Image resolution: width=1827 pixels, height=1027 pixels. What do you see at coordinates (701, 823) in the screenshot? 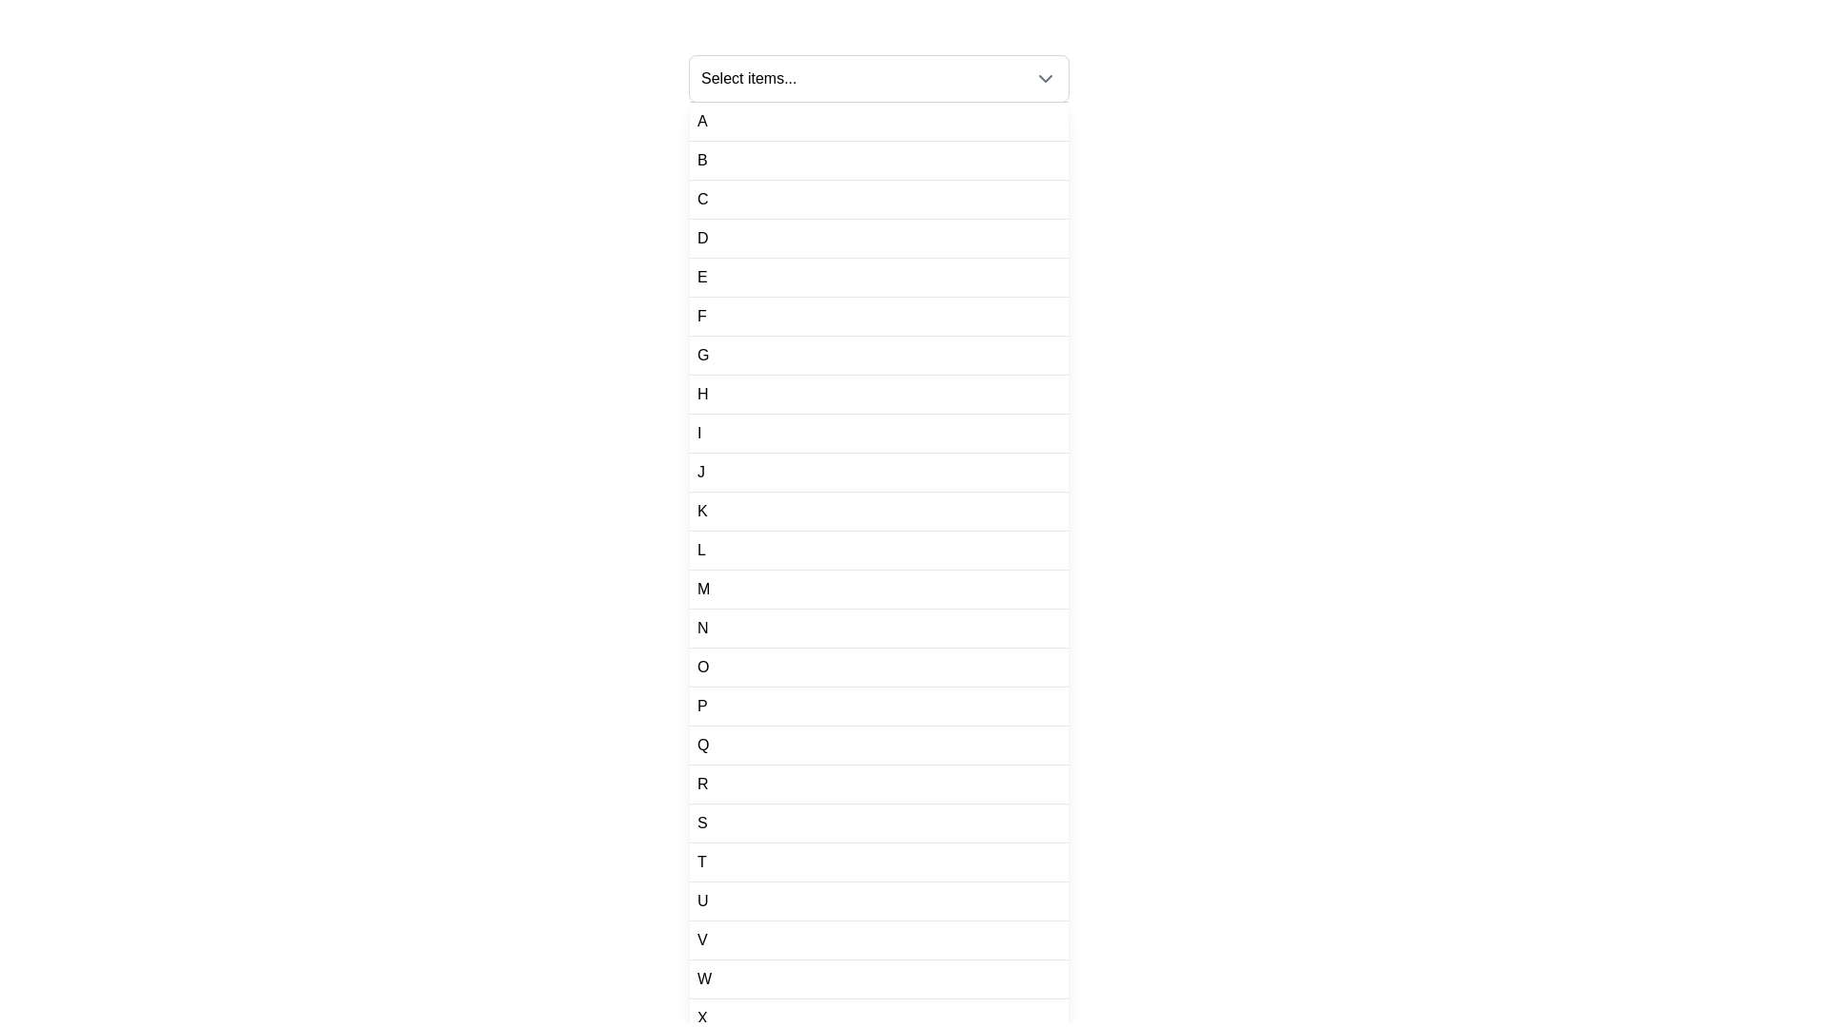
I see `the selectable item displaying the letter 'S' in the dropdown list` at bounding box center [701, 823].